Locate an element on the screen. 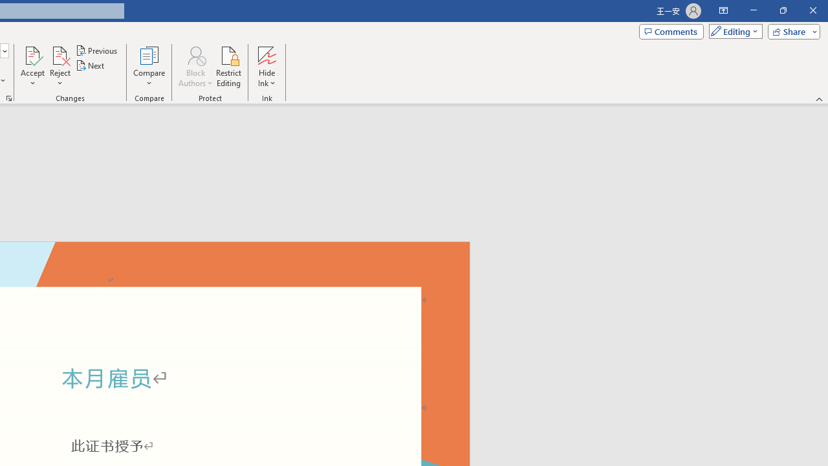  'Restrict Editing' is located at coordinates (228, 67).